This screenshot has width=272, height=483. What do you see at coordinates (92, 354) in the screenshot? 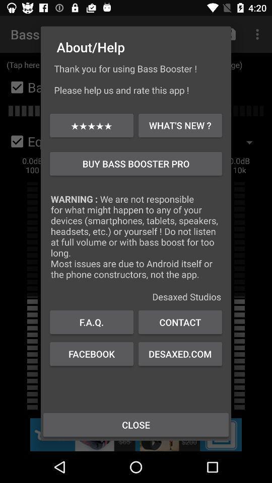
I see `the icon above close icon` at bounding box center [92, 354].